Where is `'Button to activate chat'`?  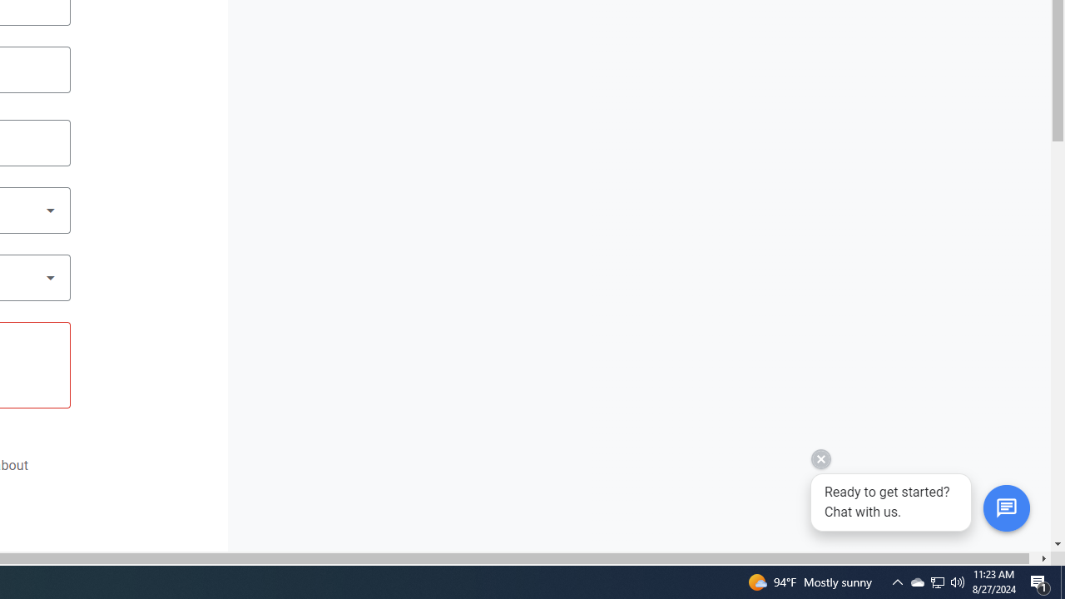
'Button to activate chat' is located at coordinates (1005, 507).